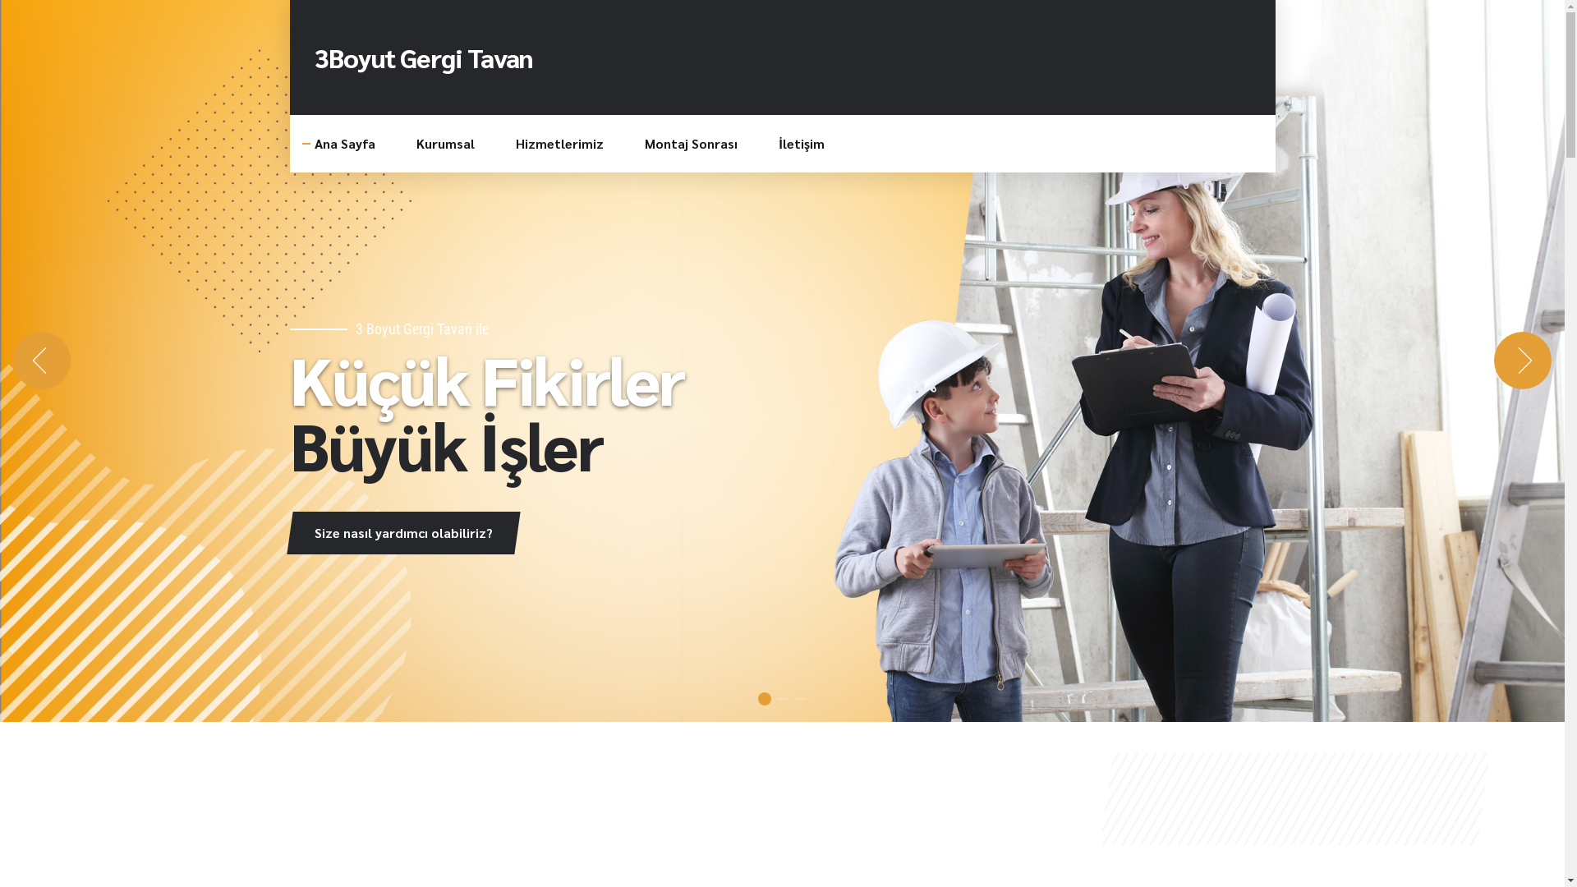 The width and height of the screenshot is (1577, 887). What do you see at coordinates (423, 56) in the screenshot?
I see `'3Boyut Gergi Tavan'` at bounding box center [423, 56].